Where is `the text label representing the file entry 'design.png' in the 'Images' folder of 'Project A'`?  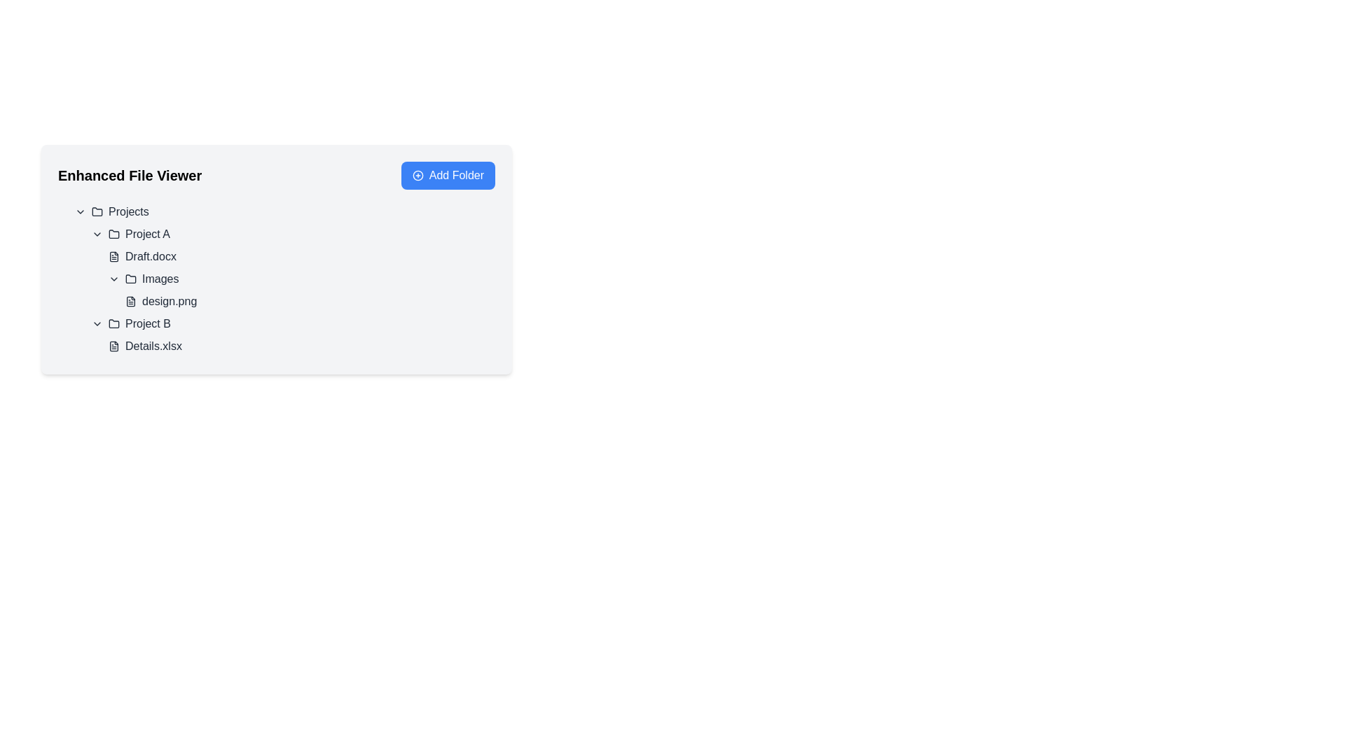 the text label representing the file entry 'design.png' in the 'Images' folder of 'Project A' is located at coordinates (169, 301).